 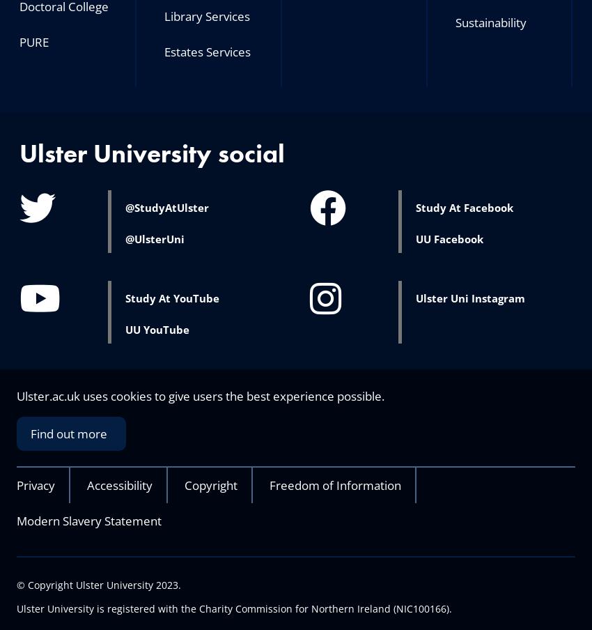 I want to click on 'Ulster.ac.uk uses cookies to give users the best experience possible.', so click(x=199, y=395).